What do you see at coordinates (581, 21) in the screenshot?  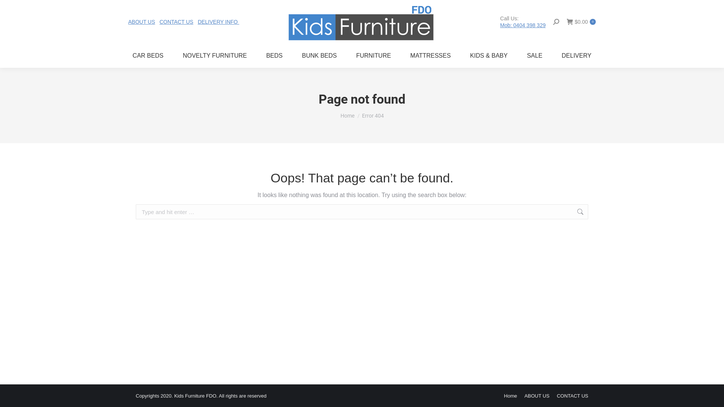 I see `'$0.00` at bounding box center [581, 21].